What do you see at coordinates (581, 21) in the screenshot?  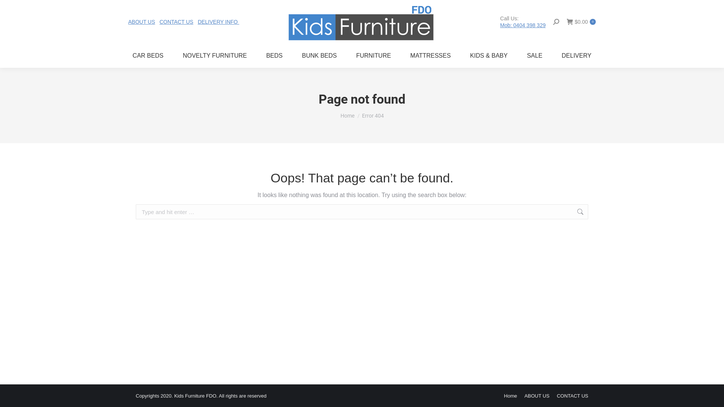 I see `'$0.00` at bounding box center [581, 21].